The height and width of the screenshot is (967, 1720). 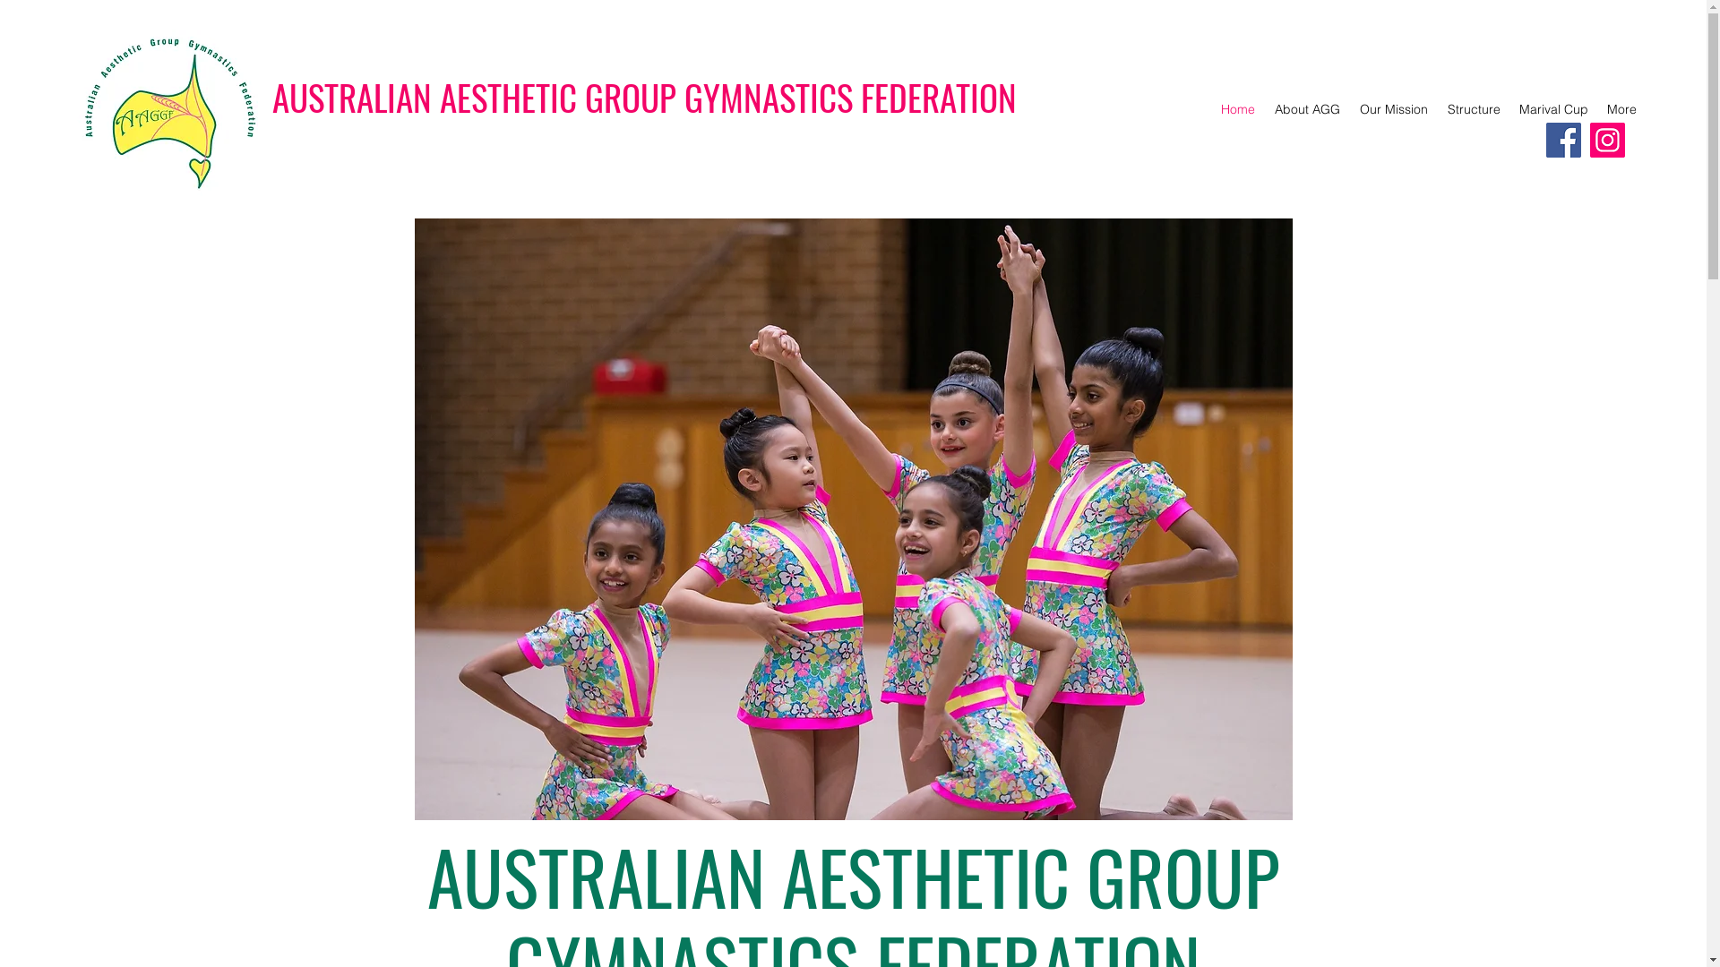 I want to click on 'Home', so click(x=1209, y=109).